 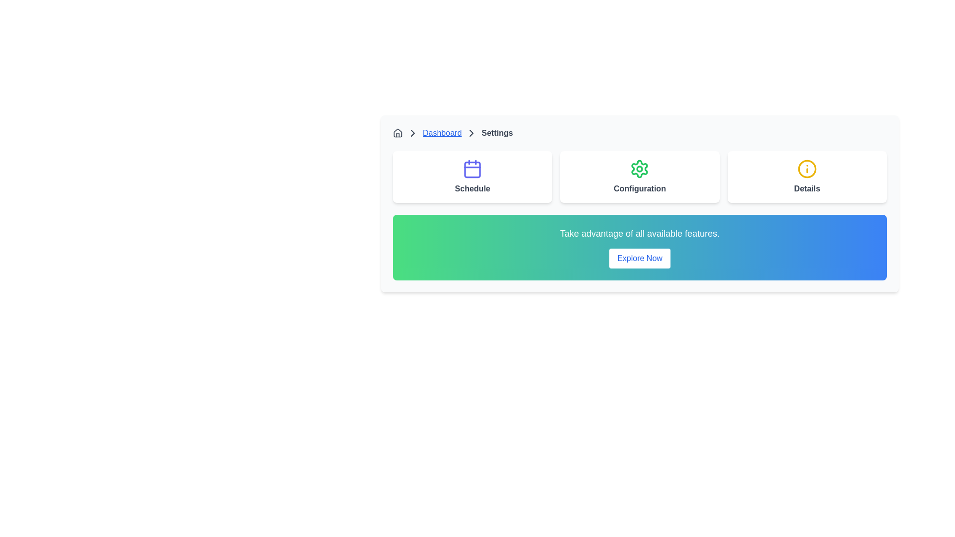 What do you see at coordinates (471, 132) in the screenshot?
I see `the rightward-pointing chevron arrow icon located next to the 'Settings' text in the top navigation bar` at bounding box center [471, 132].